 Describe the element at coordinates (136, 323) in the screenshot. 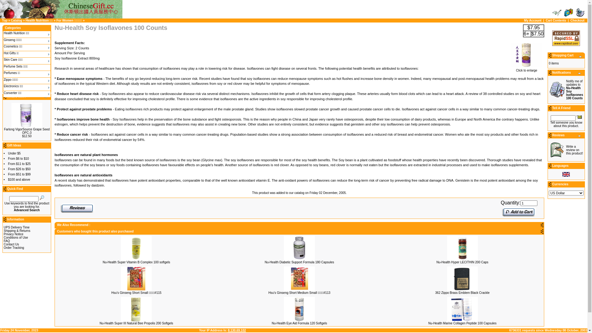

I see `'Nu-Health Super III Natural Bee Propolis 200 Softgels'` at that location.